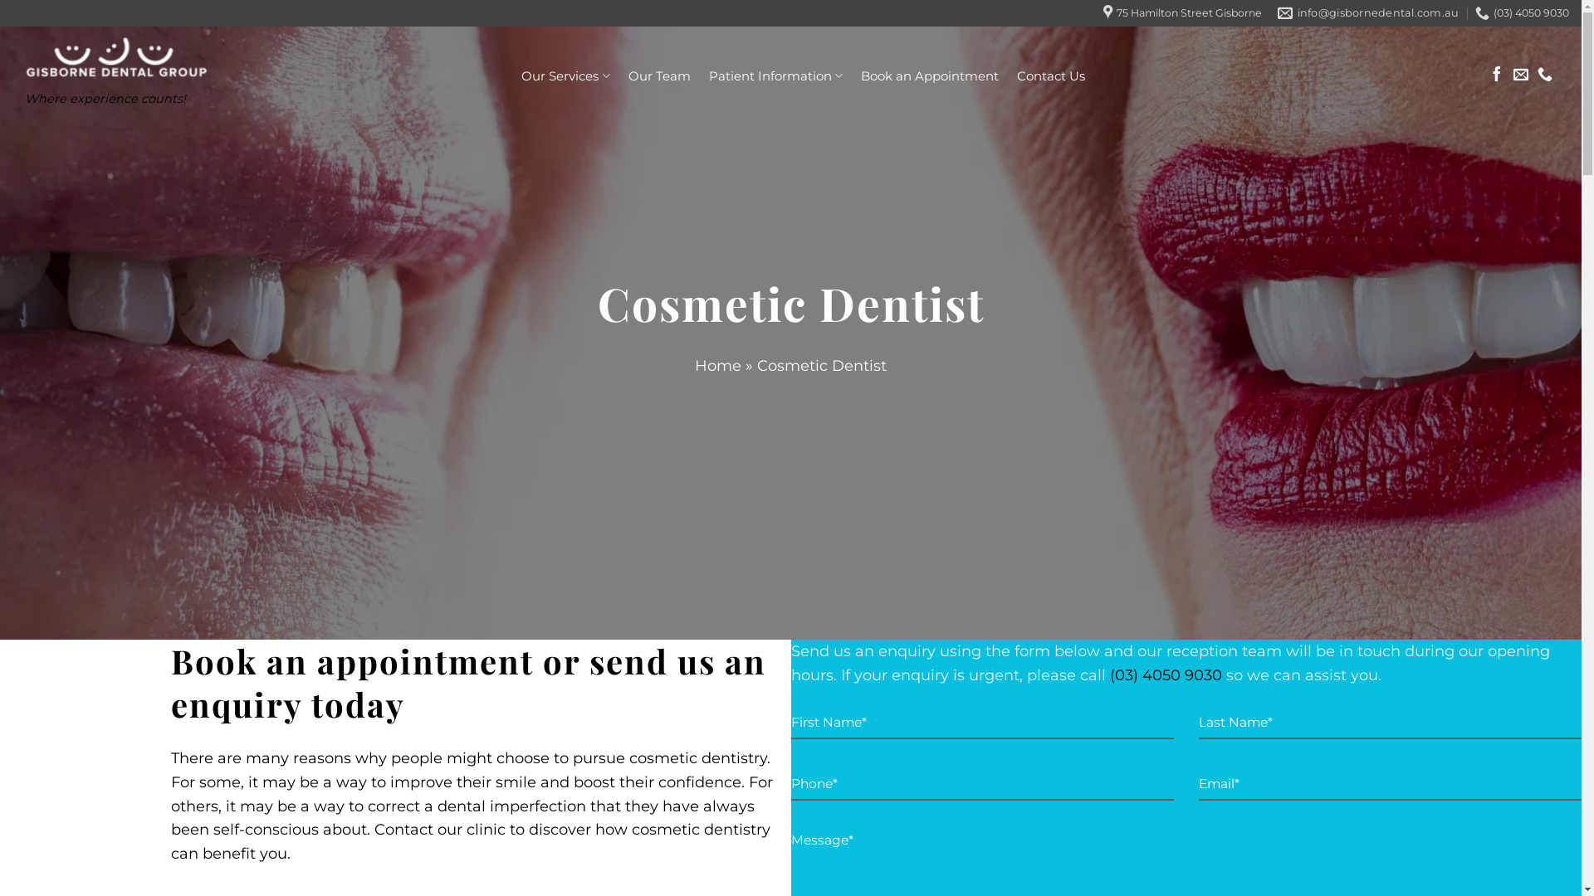 This screenshot has width=1594, height=896. Describe the element at coordinates (1521, 75) in the screenshot. I see `'Send us an email'` at that location.